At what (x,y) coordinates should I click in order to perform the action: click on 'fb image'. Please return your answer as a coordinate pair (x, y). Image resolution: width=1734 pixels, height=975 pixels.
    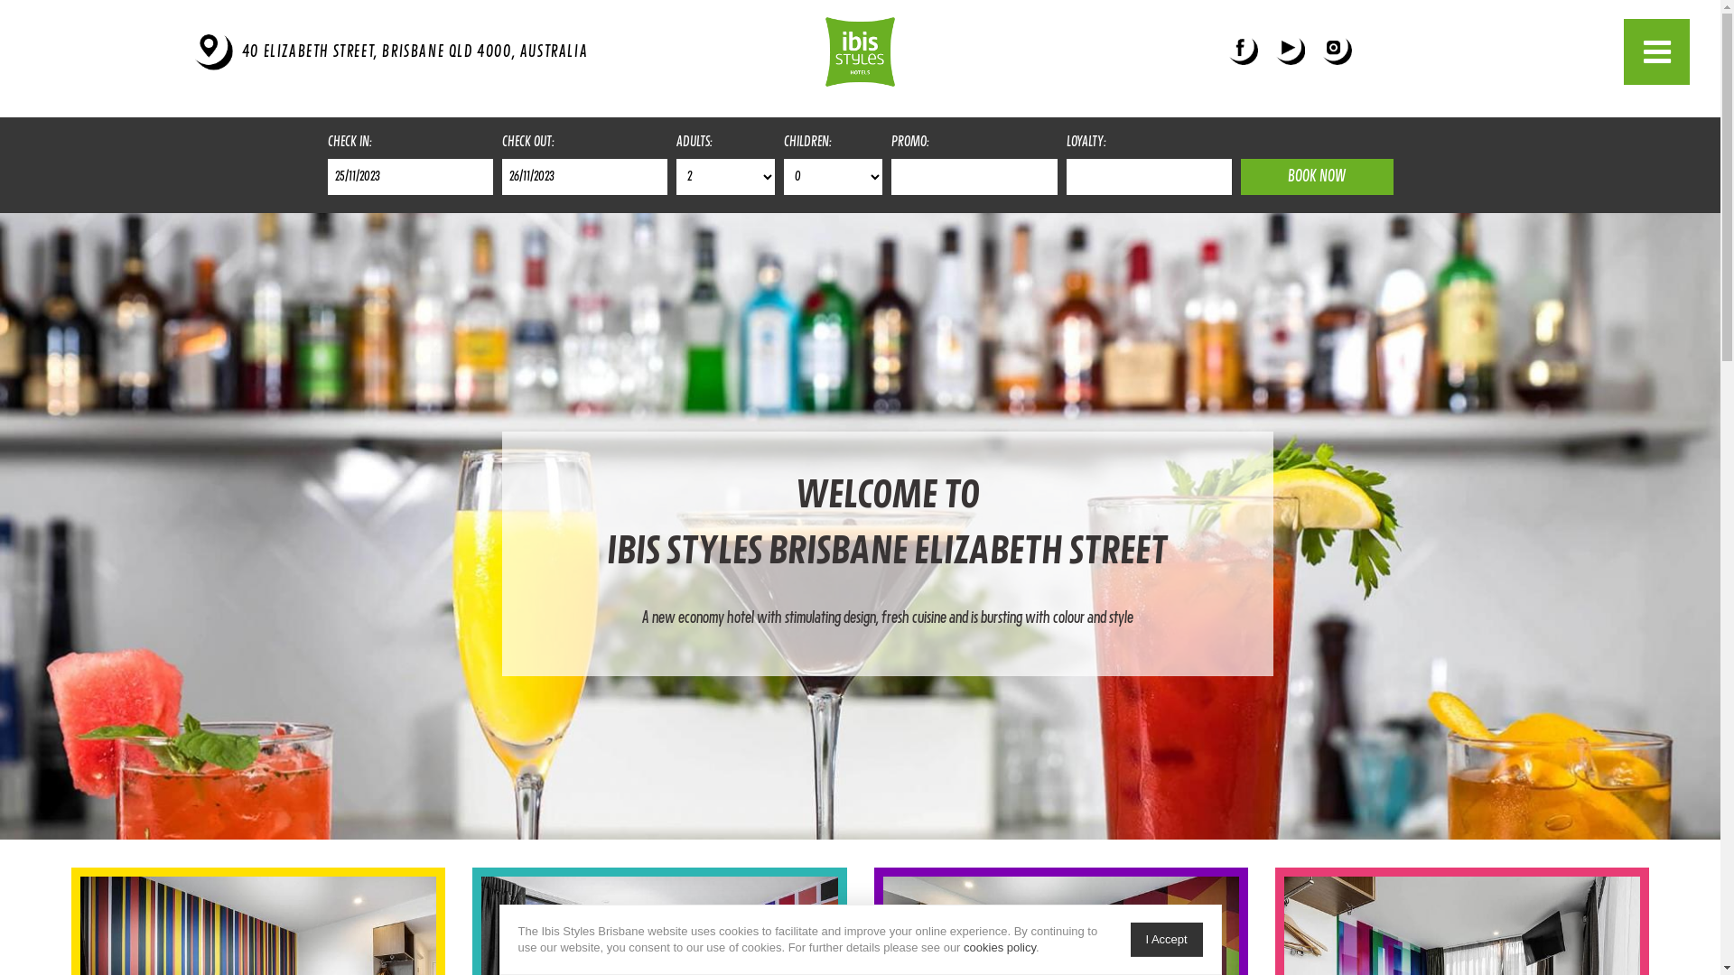
    Looking at the image, I should click on (1243, 51).